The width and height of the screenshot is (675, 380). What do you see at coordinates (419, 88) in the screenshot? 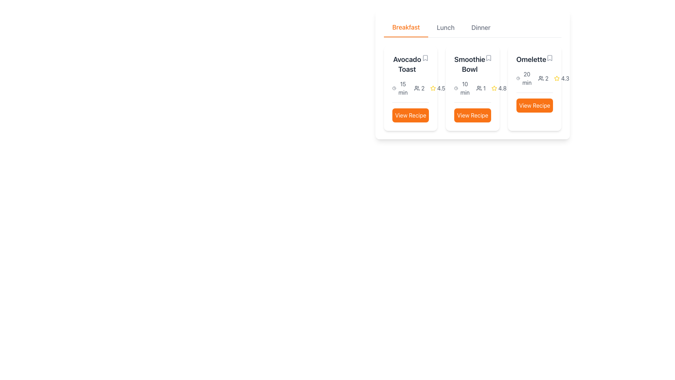
I see `the informational label with an icon of multiple users and the number '2' for the 'Avocado Toast' card in the 'Breakfast' section` at bounding box center [419, 88].